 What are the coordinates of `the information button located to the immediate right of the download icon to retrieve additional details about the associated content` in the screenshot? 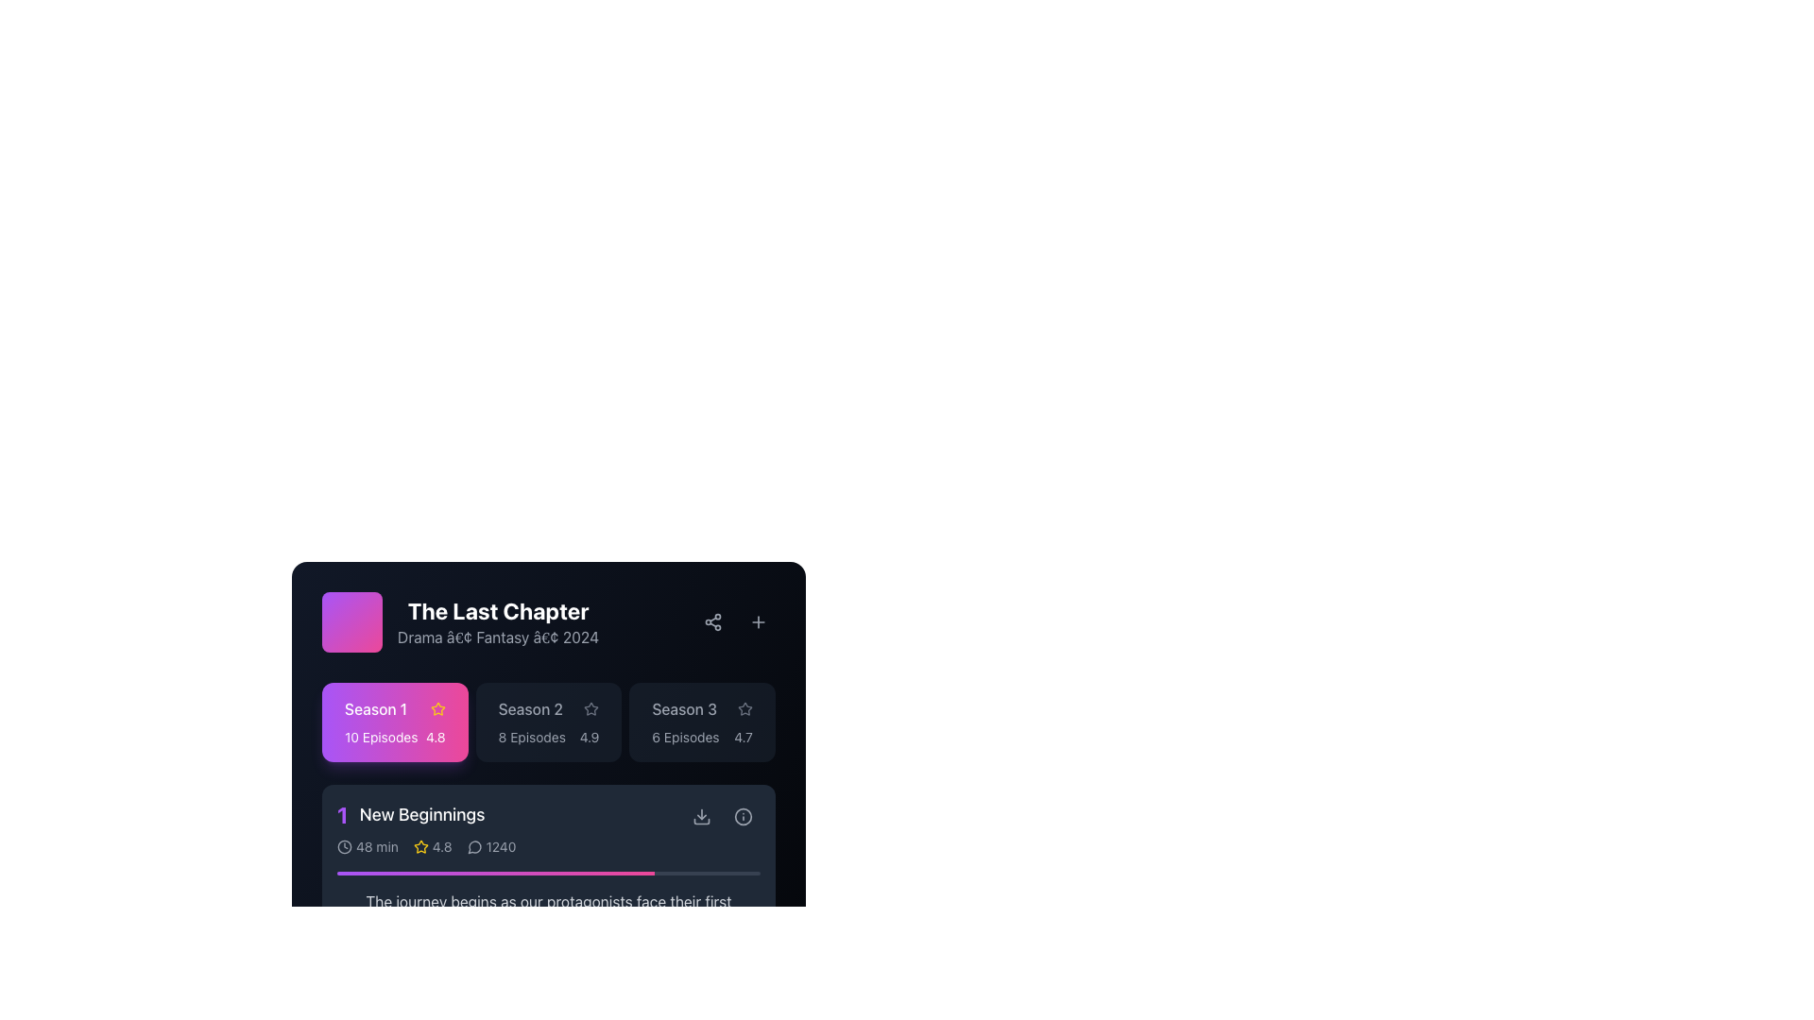 It's located at (743, 815).